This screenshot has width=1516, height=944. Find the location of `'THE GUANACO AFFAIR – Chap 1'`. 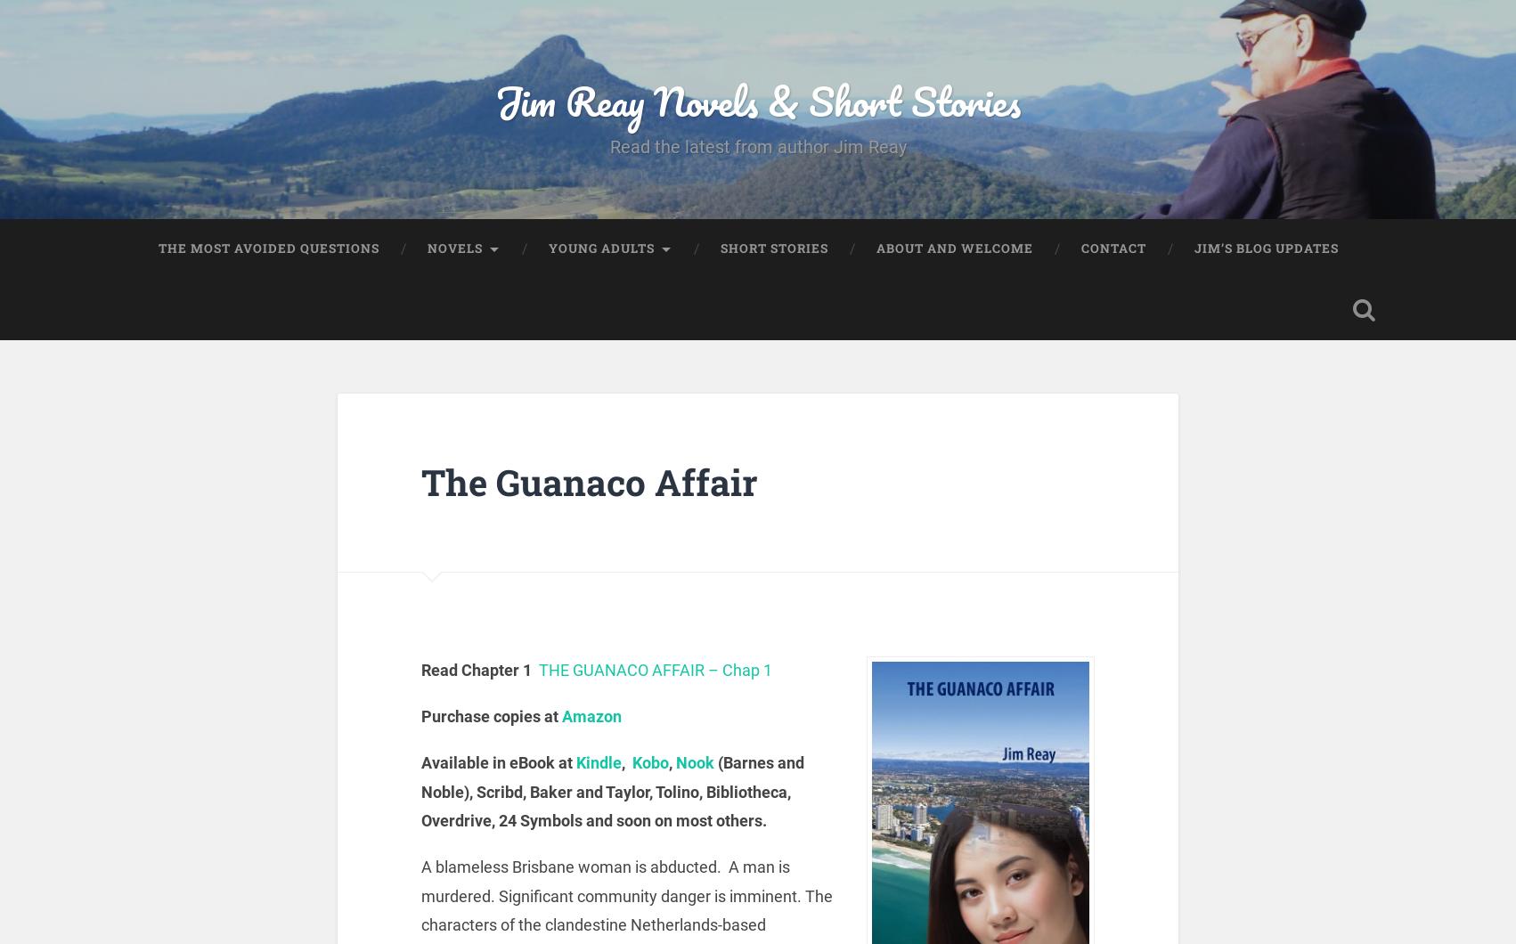

'THE GUANACO AFFAIR – Chap 1' is located at coordinates (654, 669).